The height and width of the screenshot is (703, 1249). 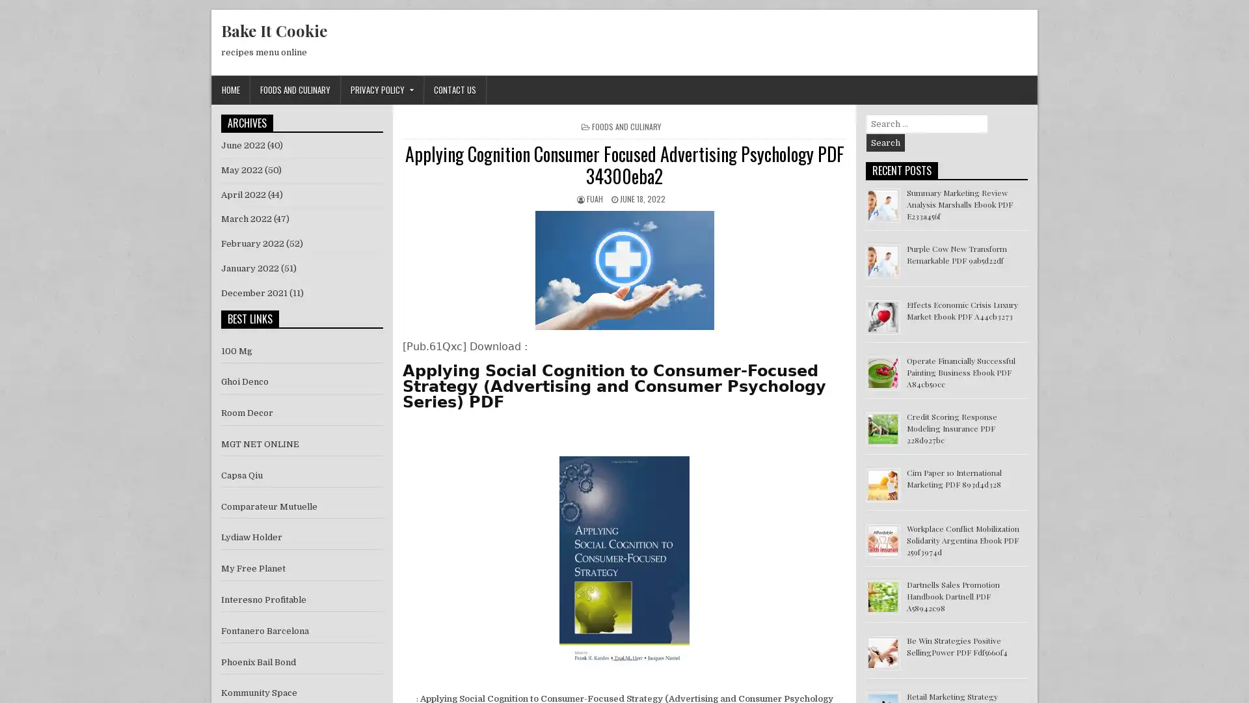 I want to click on Search, so click(x=885, y=143).